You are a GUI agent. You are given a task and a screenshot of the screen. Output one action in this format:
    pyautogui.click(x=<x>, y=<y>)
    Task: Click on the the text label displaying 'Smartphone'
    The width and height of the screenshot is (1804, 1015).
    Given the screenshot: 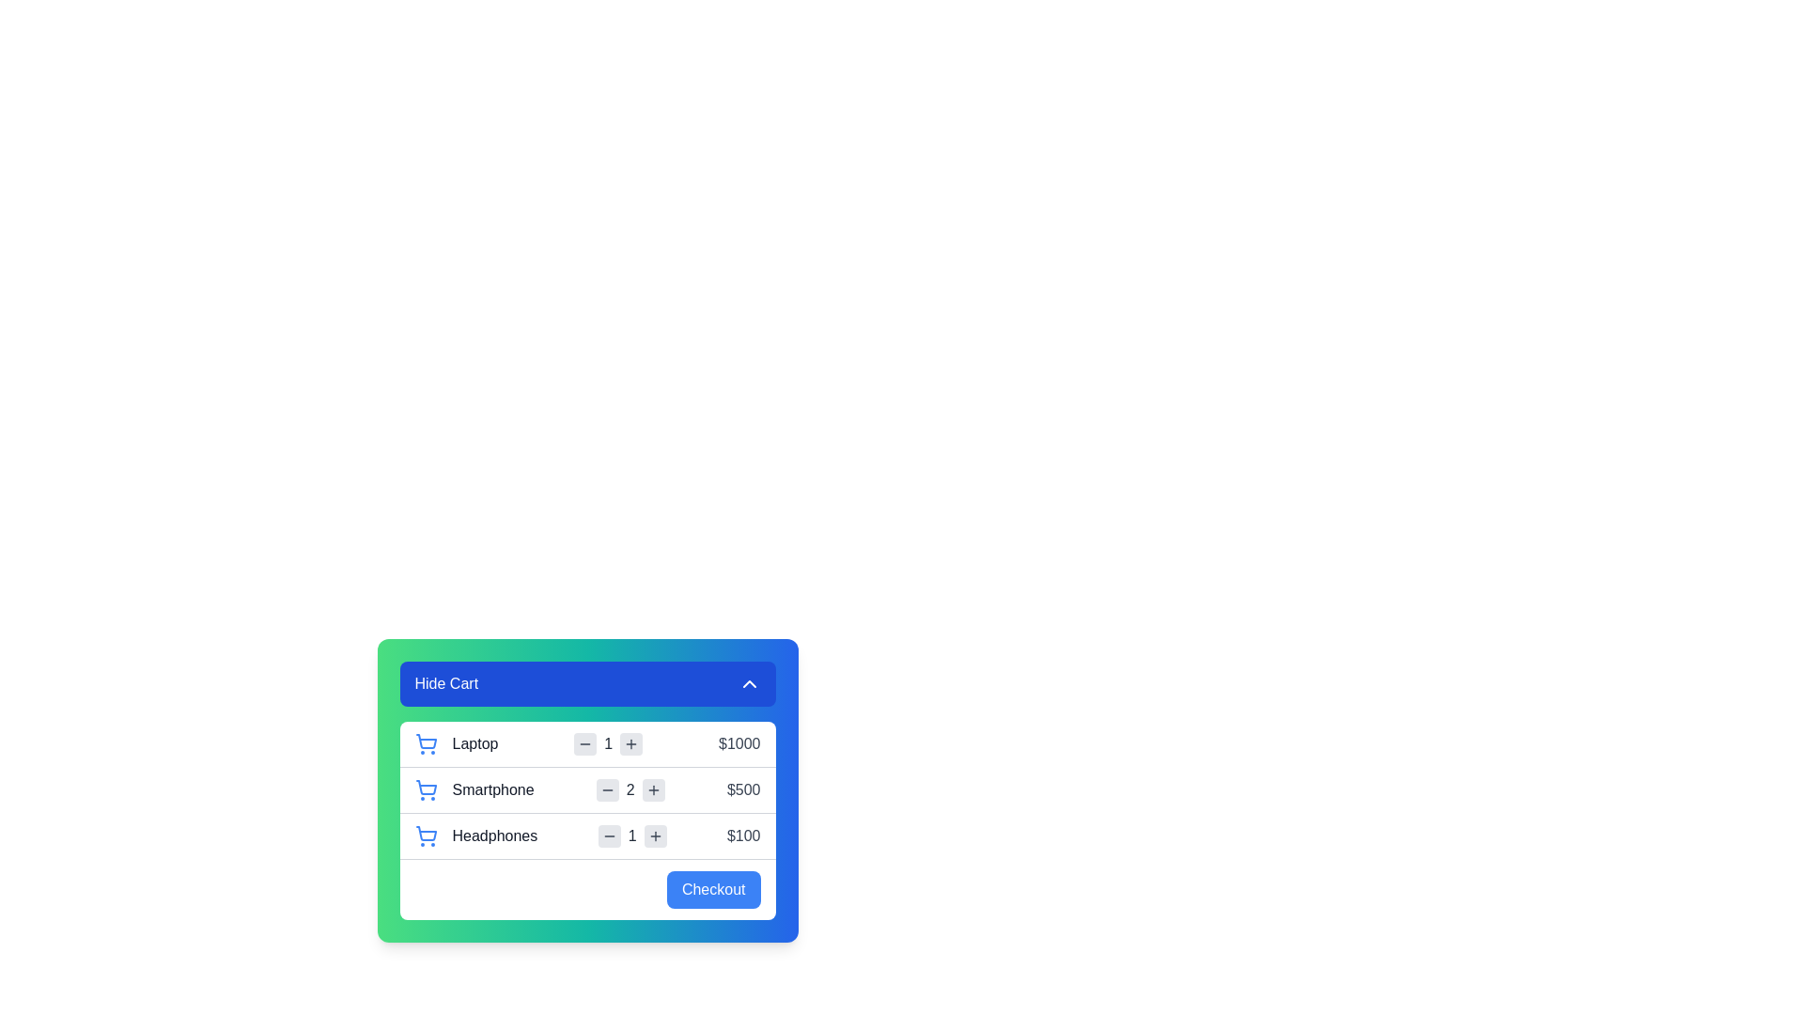 What is the action you would take?
    pyautogui.click(x=493, y=789)
    